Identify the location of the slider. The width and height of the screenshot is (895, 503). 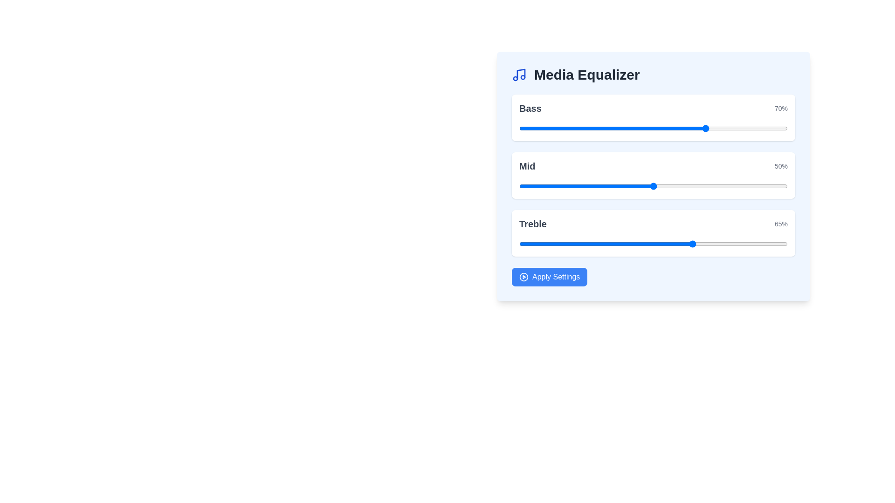
(764, 186).